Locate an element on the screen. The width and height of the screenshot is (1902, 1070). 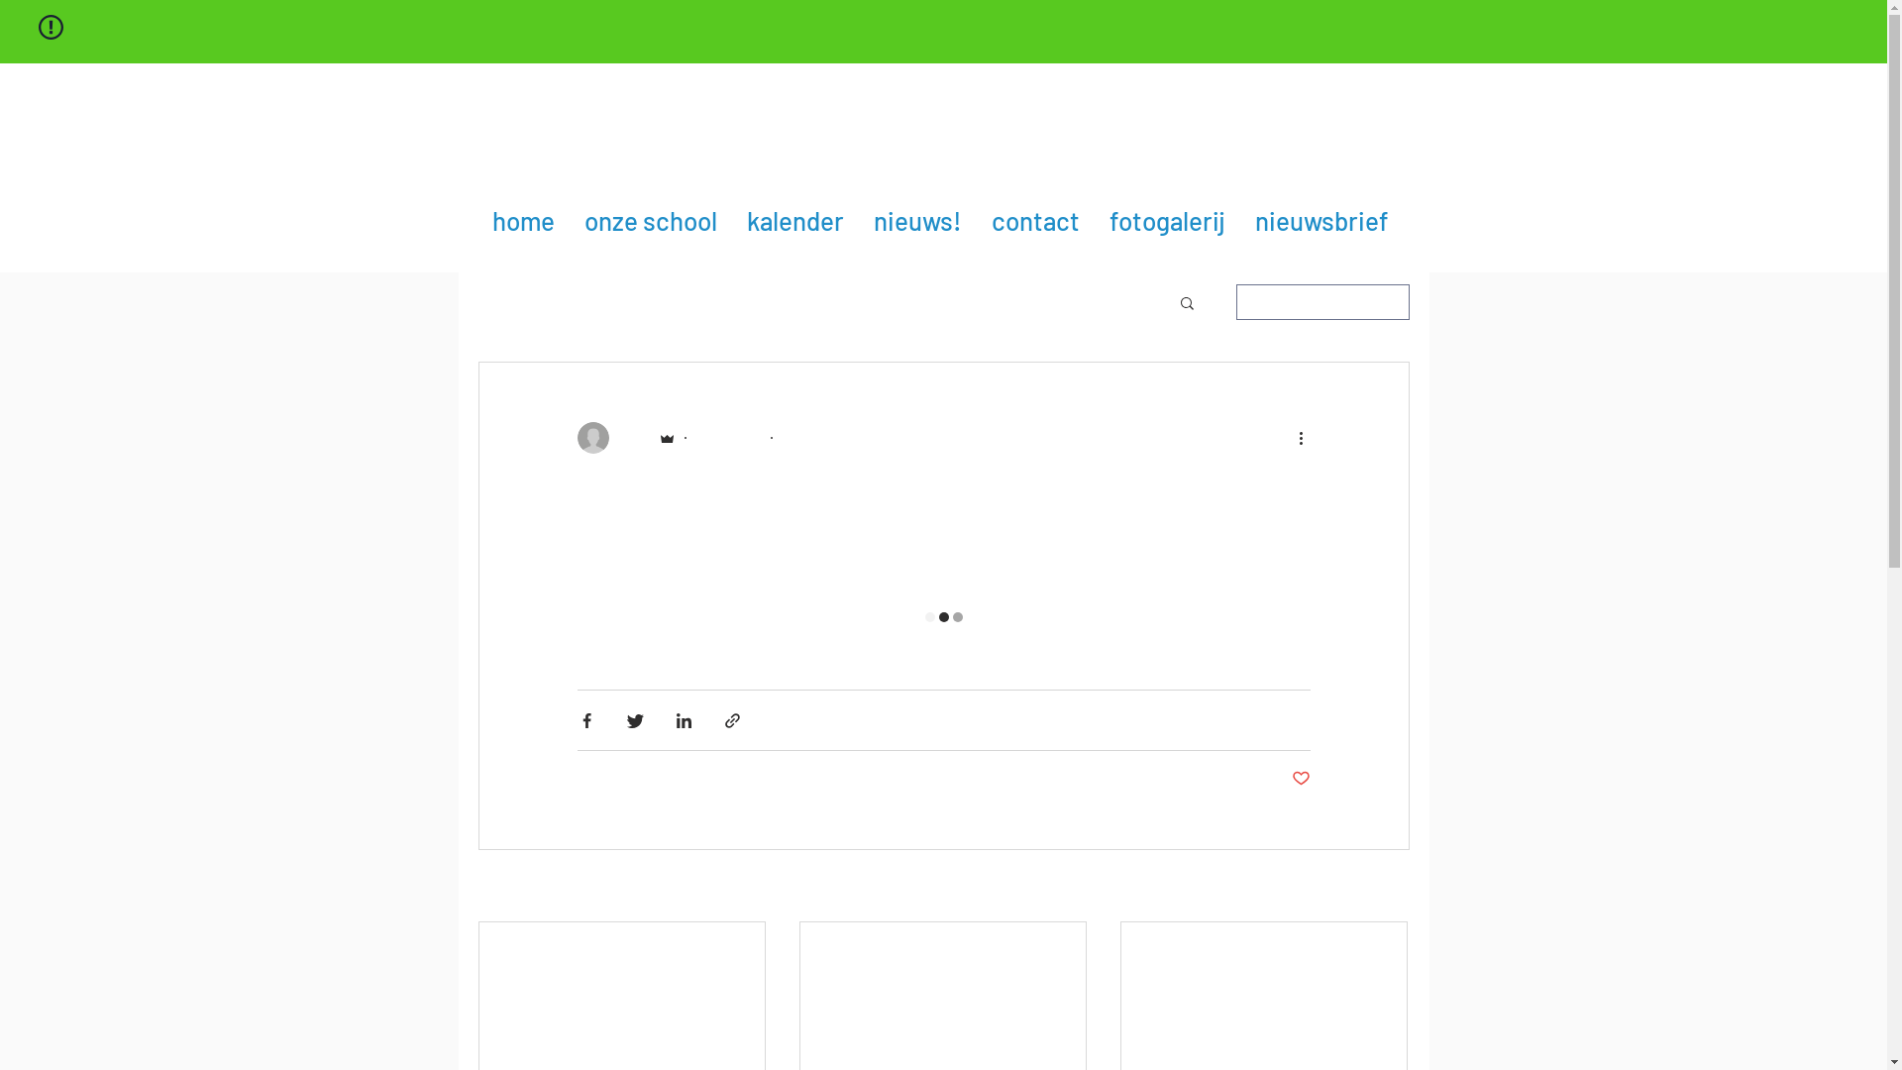
'kalender' is located at coordinates (740, 220).